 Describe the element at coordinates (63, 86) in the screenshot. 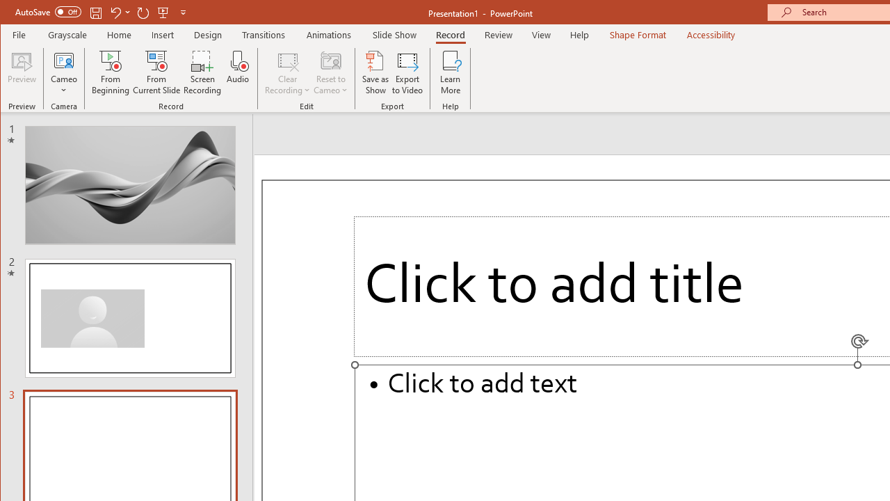

I see `'More Options'` at that location.